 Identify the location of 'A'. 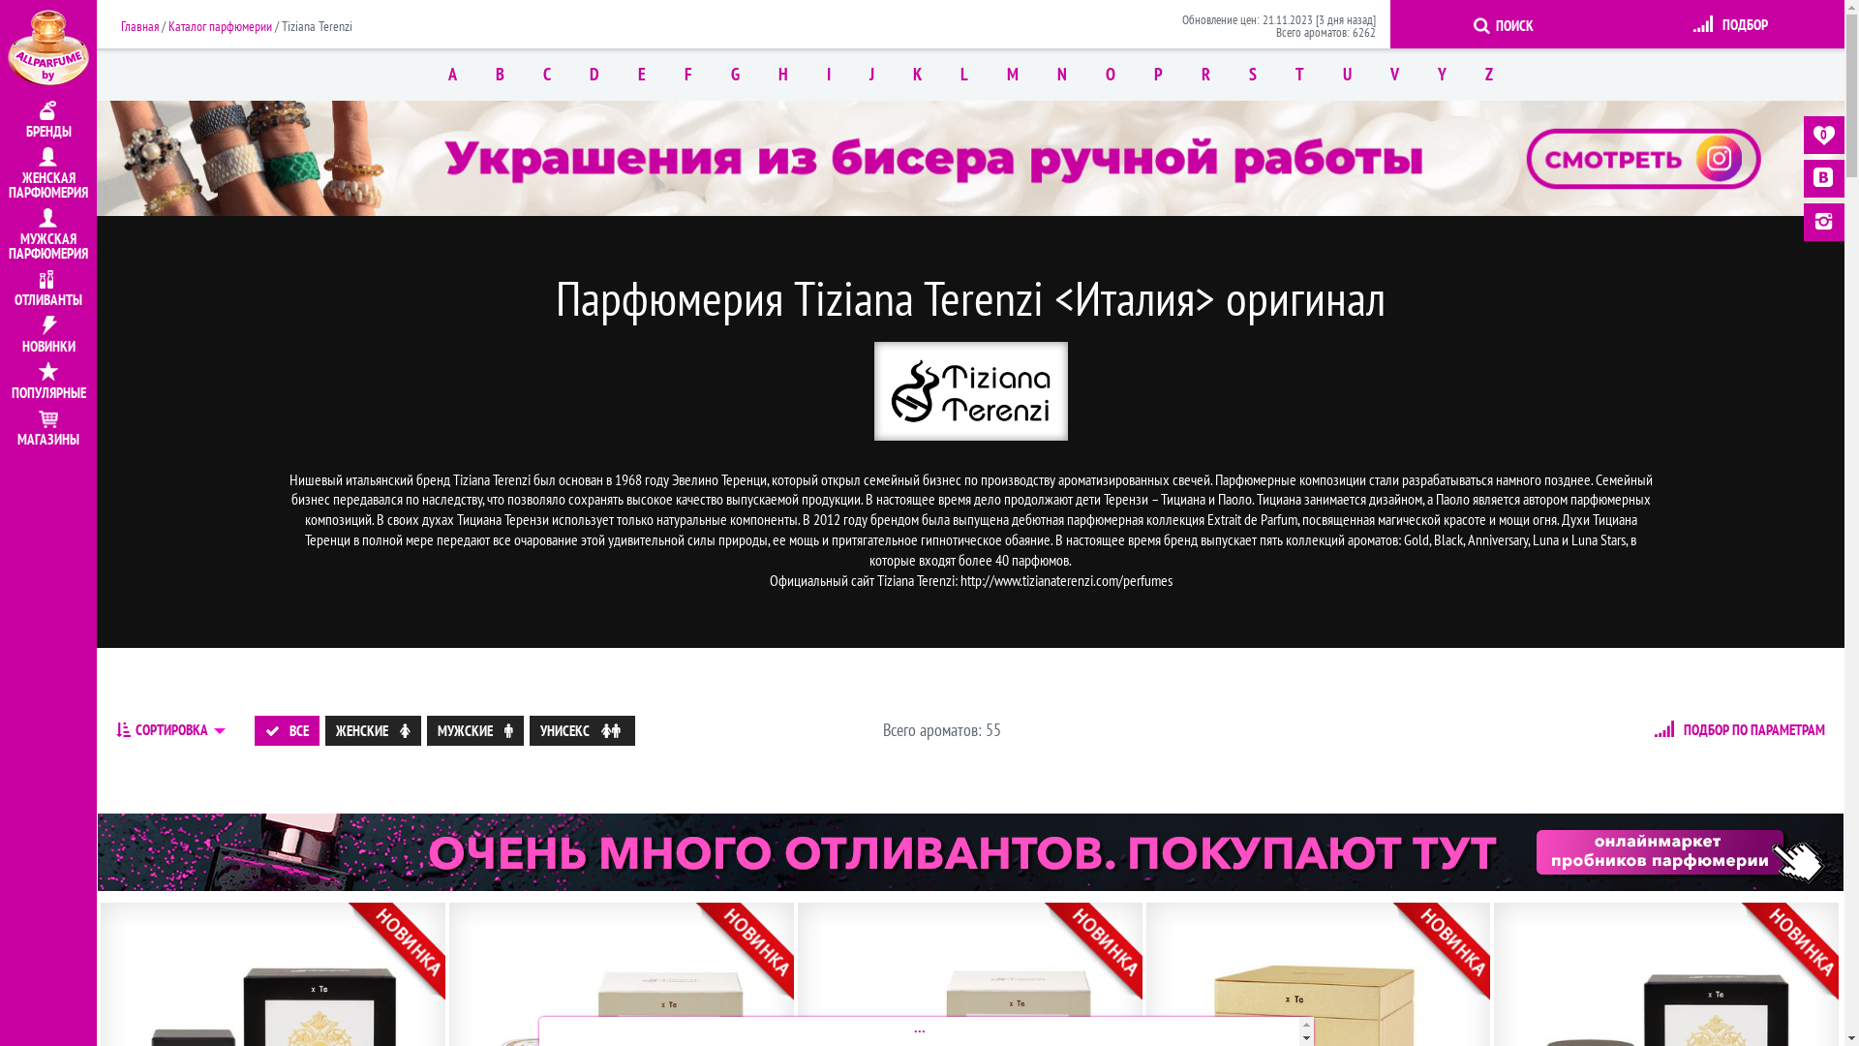
(451, 74).